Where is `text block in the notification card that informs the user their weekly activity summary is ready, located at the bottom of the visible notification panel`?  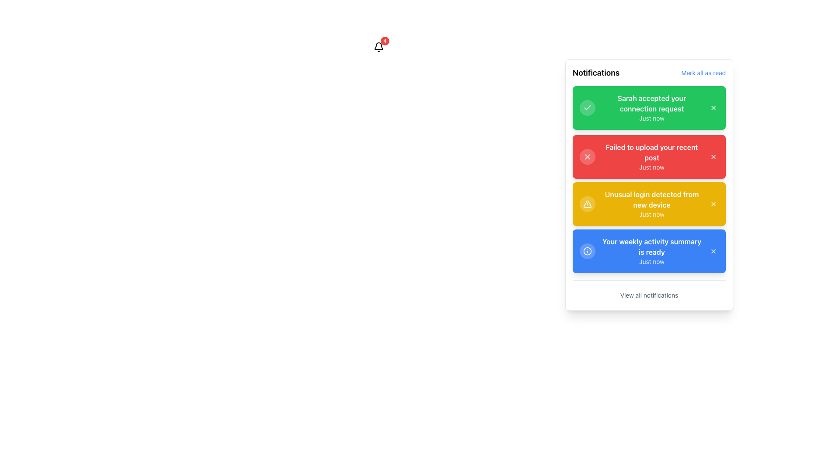 text block in the notification card that informs the user their weekly activity summary is ready, located at the bottom of the visible notification panel is located at coordinates (651, 251).